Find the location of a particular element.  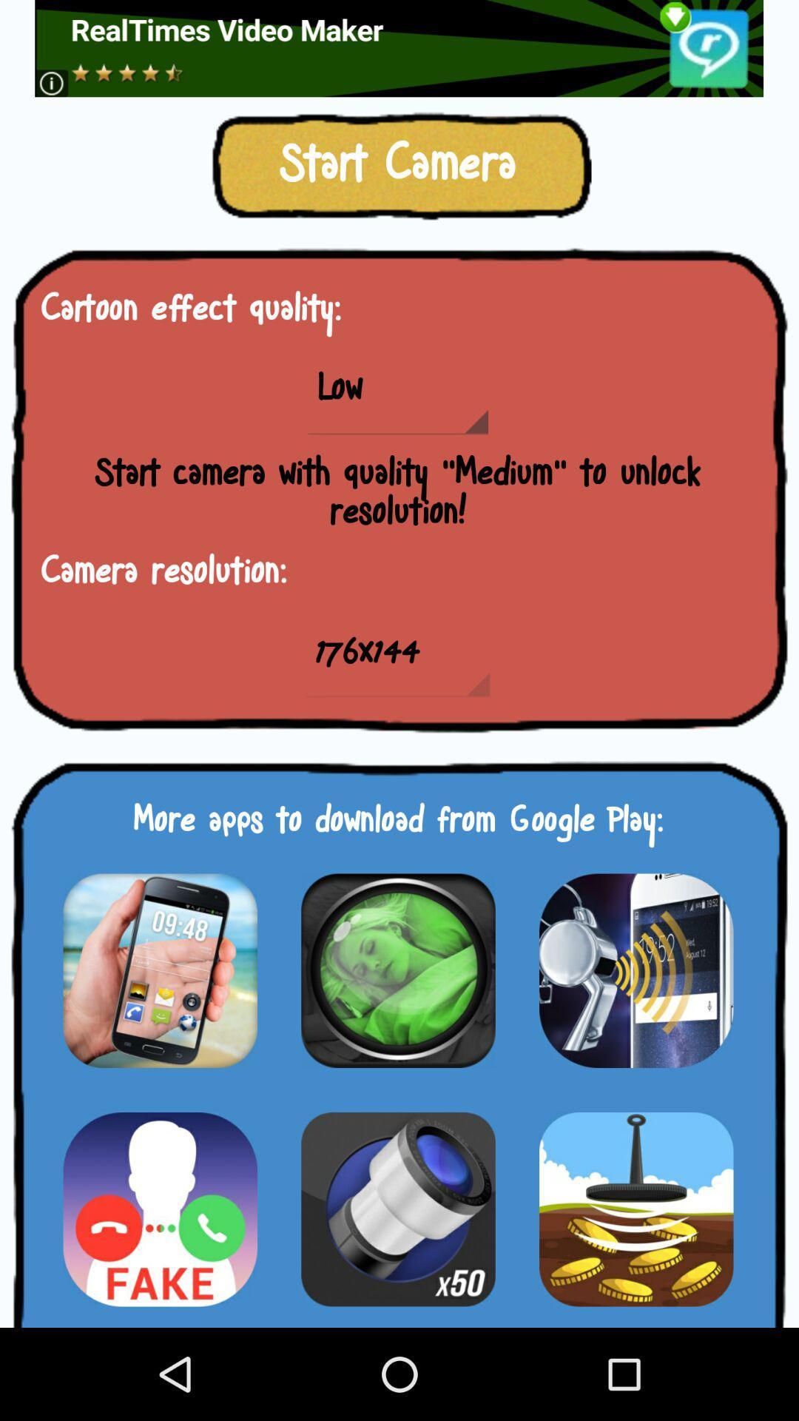

advertisement is located at coordinates (398, 48).